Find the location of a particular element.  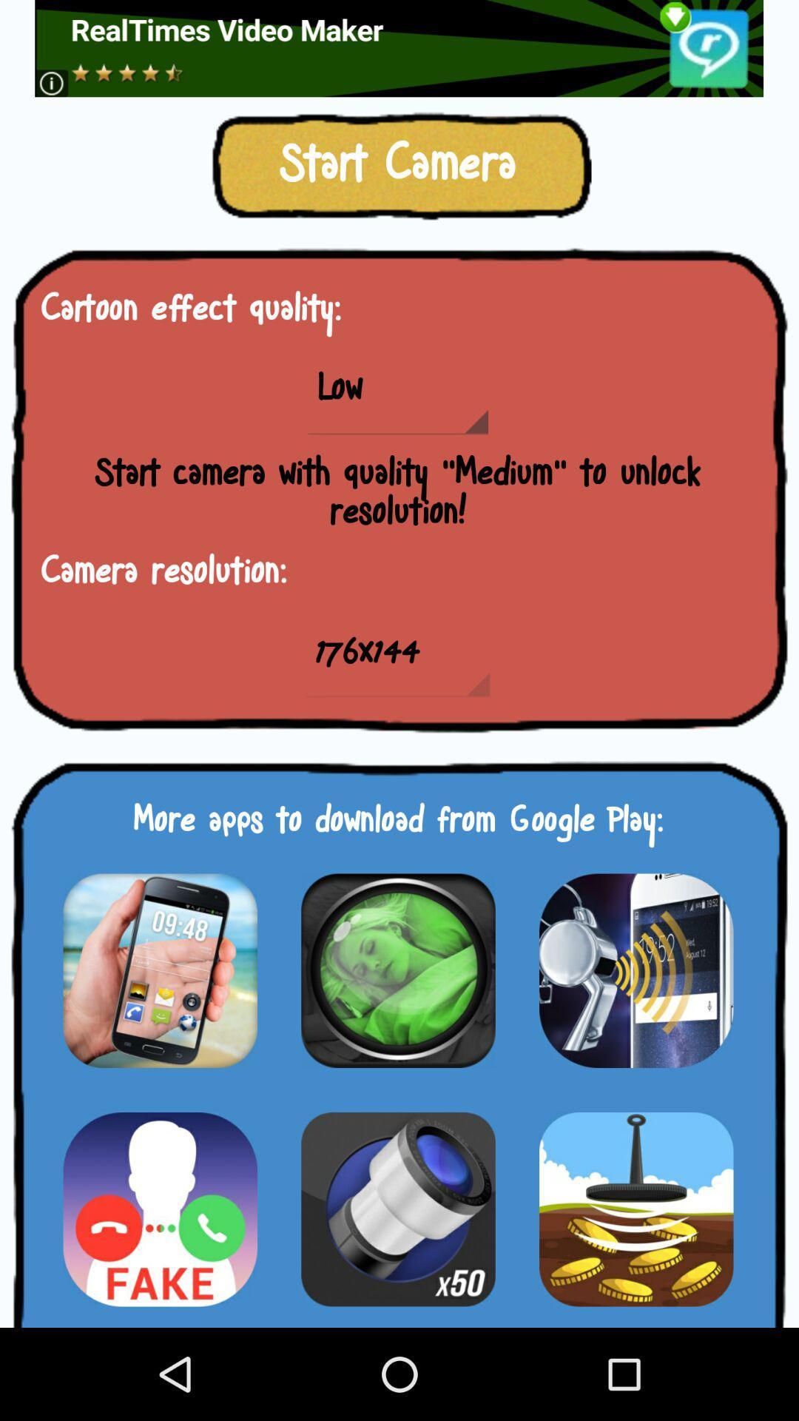

advertisement is located at coordinates (398, 48).